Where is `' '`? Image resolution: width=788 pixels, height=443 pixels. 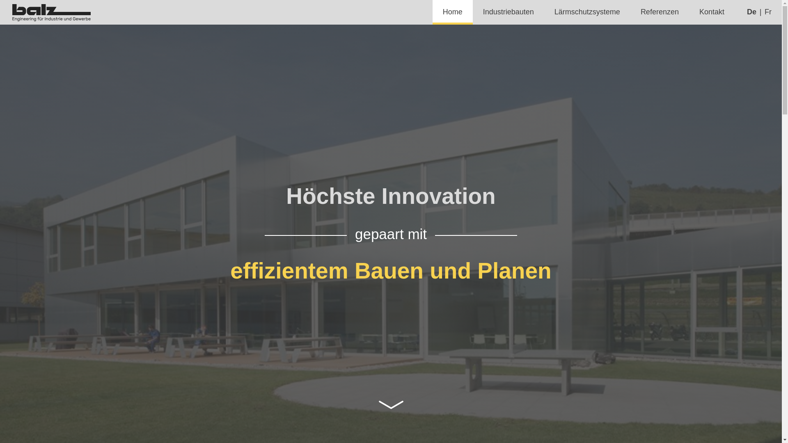 ' ' is located at coordinates (390, 404).